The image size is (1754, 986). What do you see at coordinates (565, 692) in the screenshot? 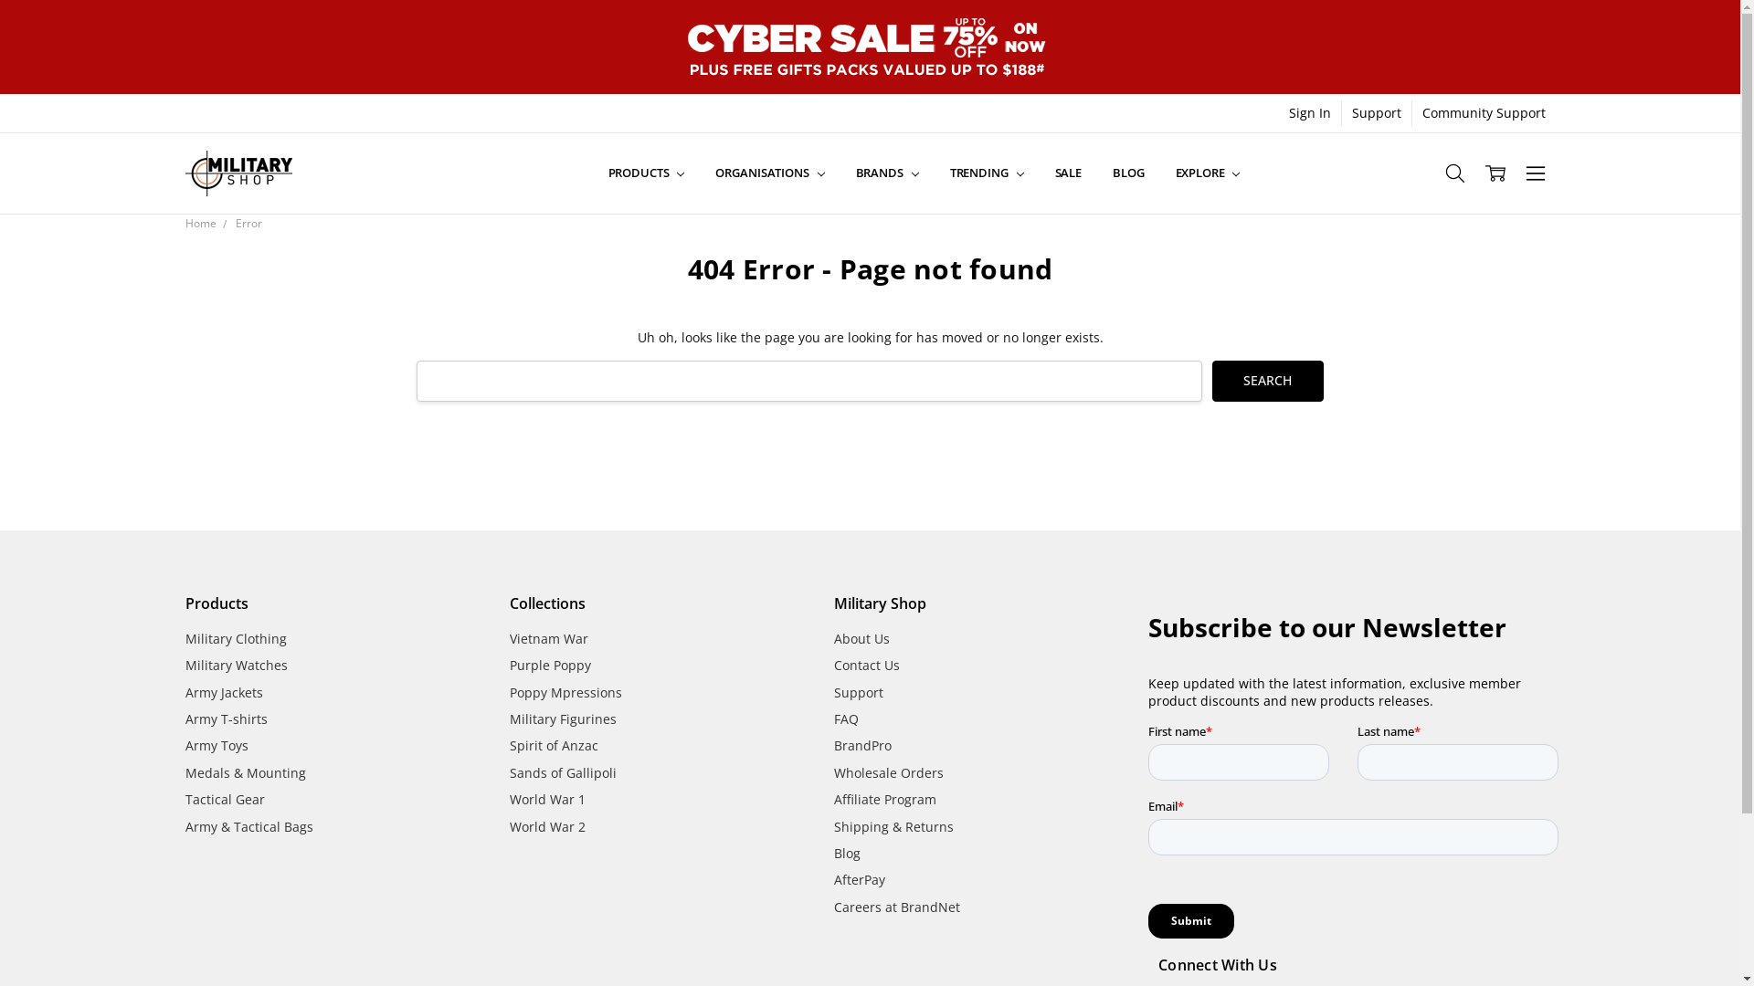
I see `'Poppy Mpressions'` at bounding box center [565, 692].